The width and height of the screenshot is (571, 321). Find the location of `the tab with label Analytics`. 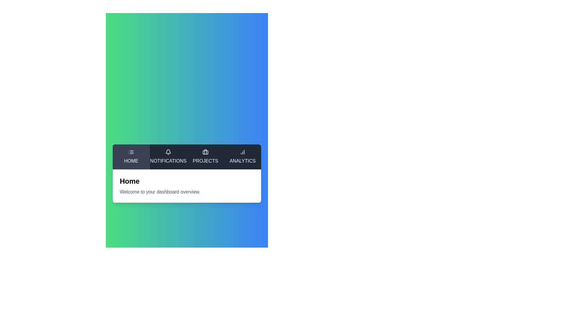

the tab with label Analytics is located at coordinates (243, 157).